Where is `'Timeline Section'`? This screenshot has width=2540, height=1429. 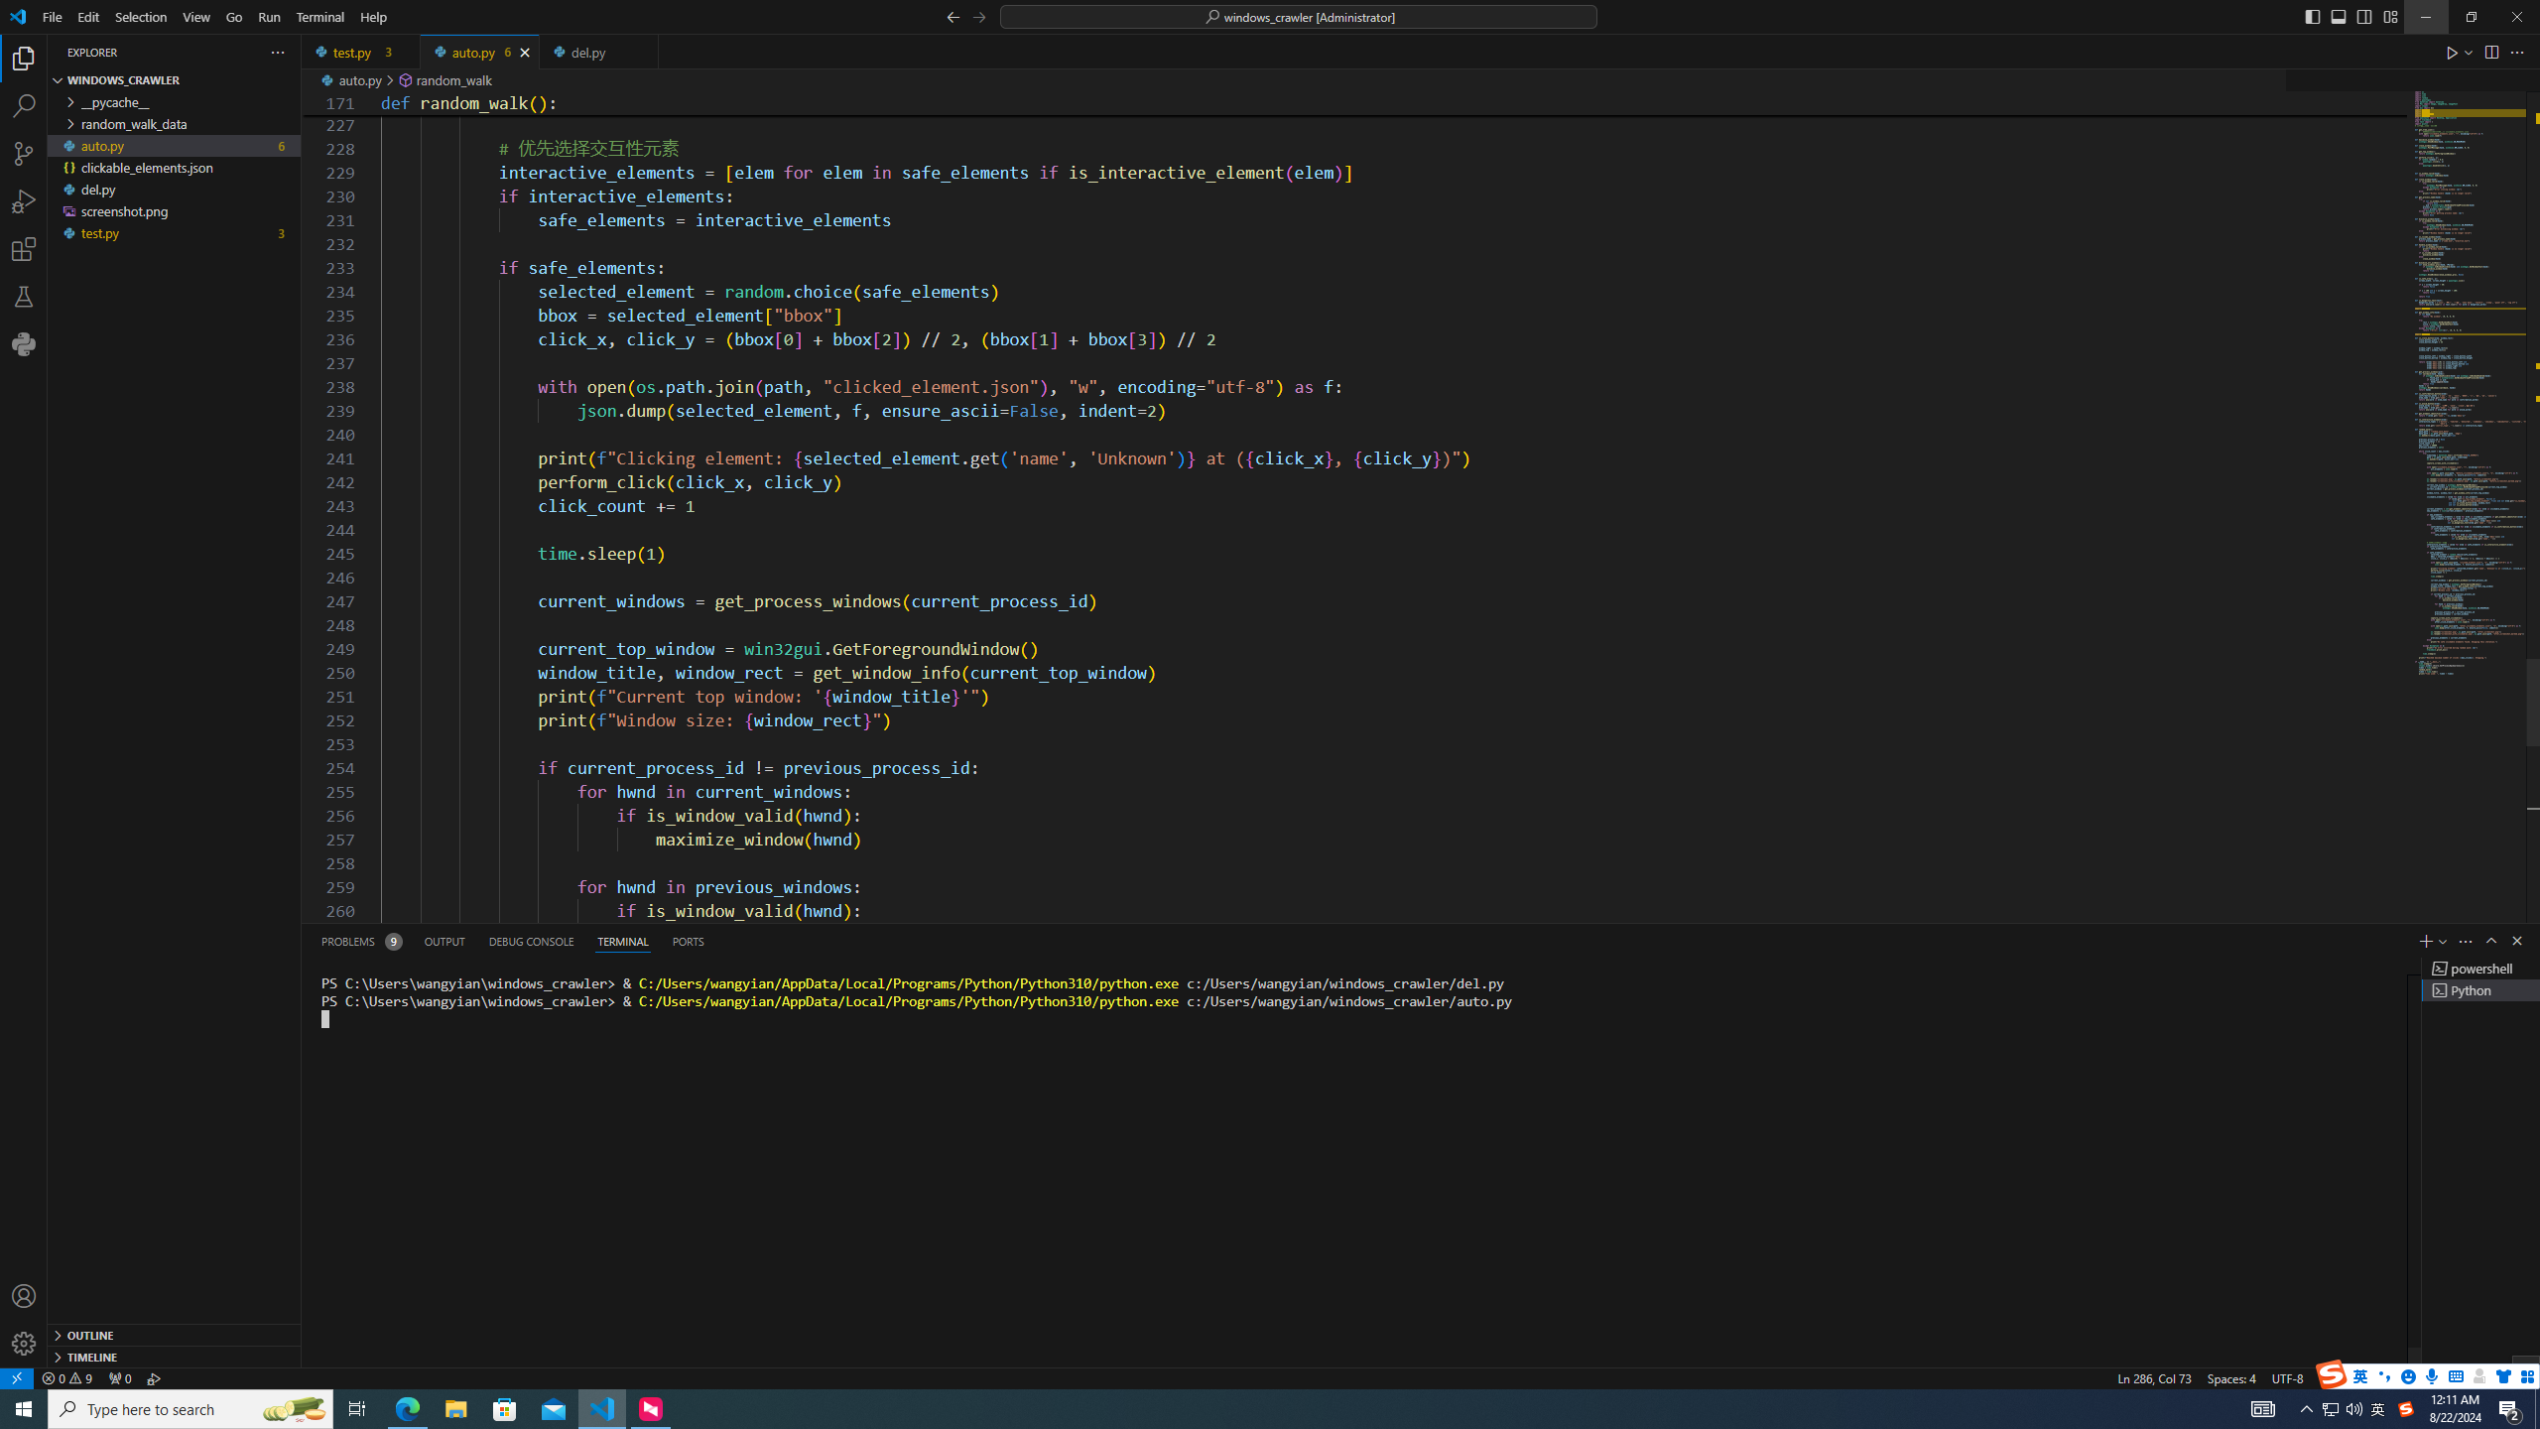
'Timeline Section' is located at coordinates (174, 1357).